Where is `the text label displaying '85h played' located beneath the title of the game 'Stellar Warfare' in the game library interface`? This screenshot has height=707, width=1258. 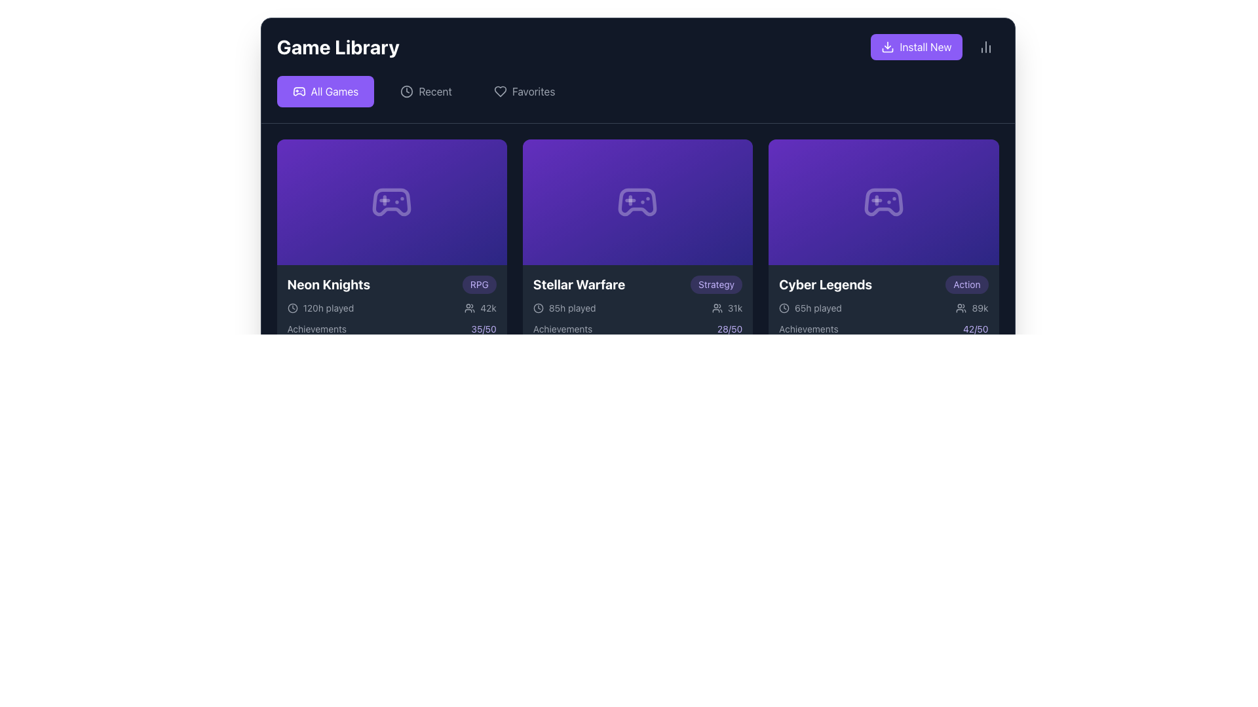
the text label displaying '85h played' located beneath the title of the game 'Stellar Warfare' in the game library interface is located at coordinates (572, 308).